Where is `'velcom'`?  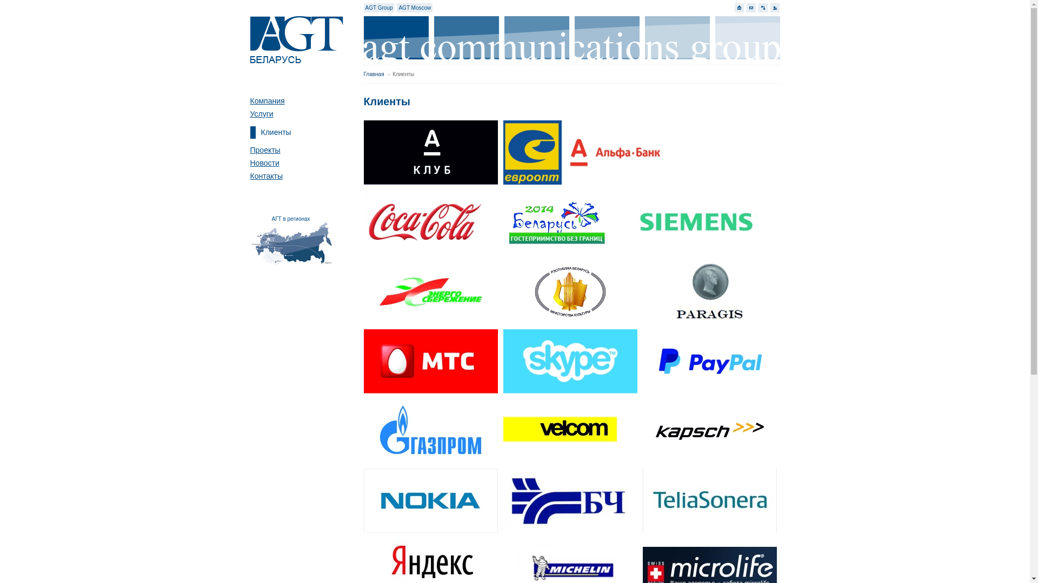
'velcom' is located at coordinates (569, 430).